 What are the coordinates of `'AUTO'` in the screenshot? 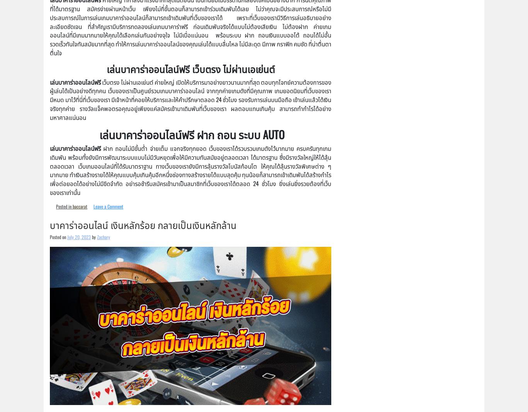 It's located at (262, 133).